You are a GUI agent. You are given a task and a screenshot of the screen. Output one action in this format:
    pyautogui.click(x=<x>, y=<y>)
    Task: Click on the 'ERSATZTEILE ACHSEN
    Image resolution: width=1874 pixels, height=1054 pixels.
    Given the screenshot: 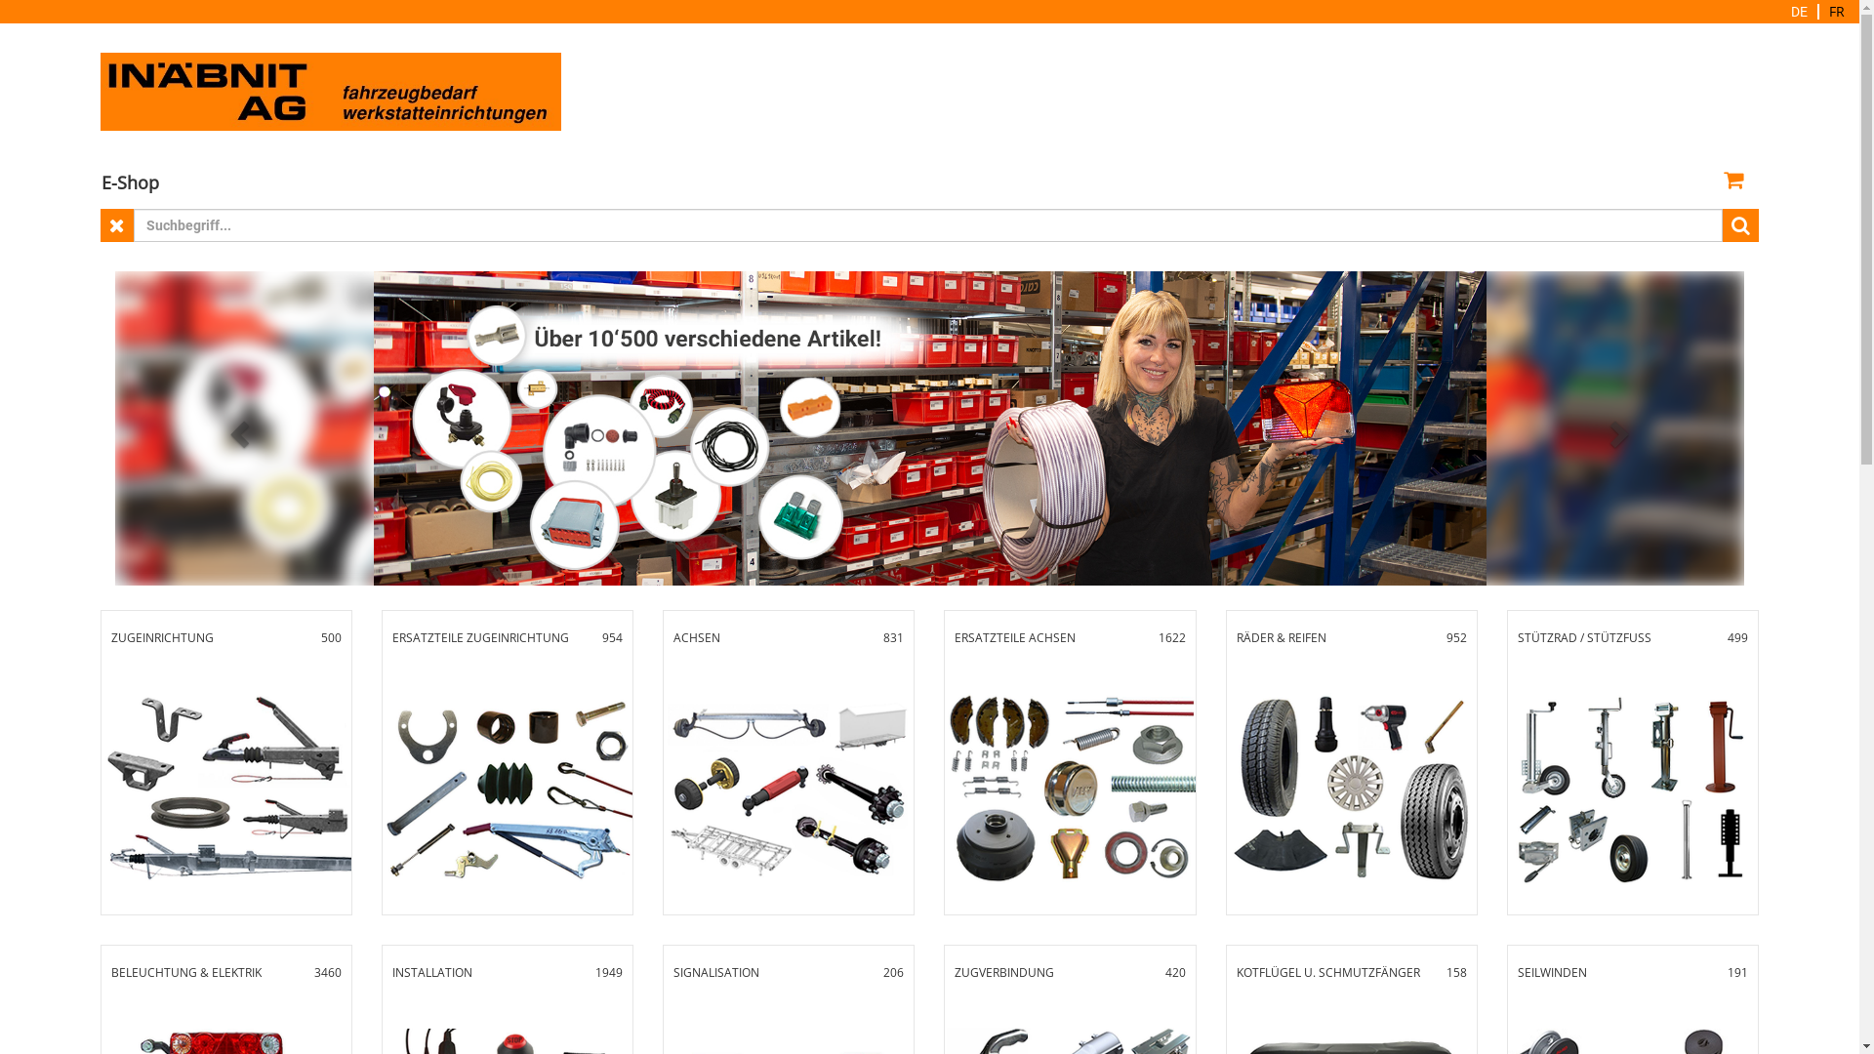 What is the action you would take?
    pyautogui.click(x=1068, y=761)
    